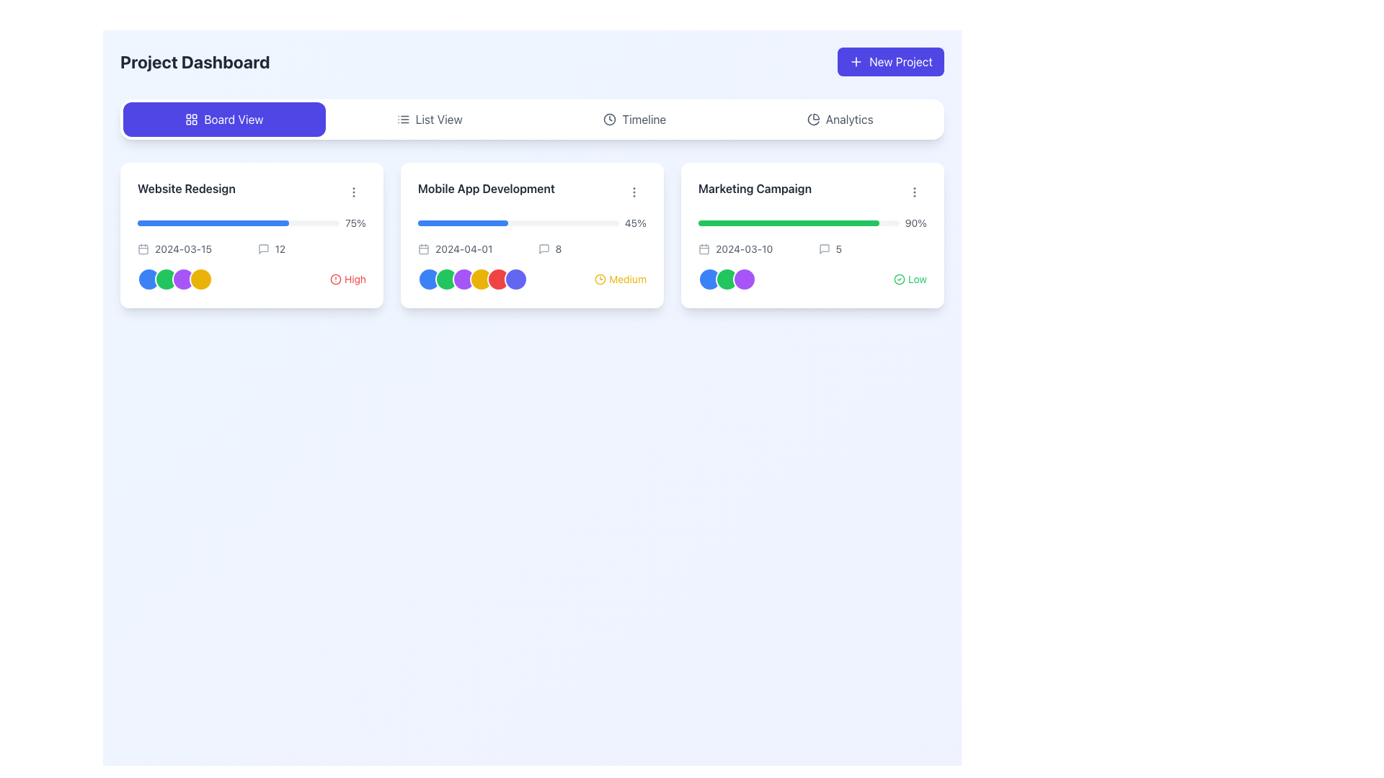 This screenshot has width=1384, height=778. What do you see at coordinates (428, 280) in the screenshot?
I see `the Avatar icon, which is the first in a row of six circular icons located at the bottom left of the 'Mobile App Development' card` at bounding box center [428, 280].